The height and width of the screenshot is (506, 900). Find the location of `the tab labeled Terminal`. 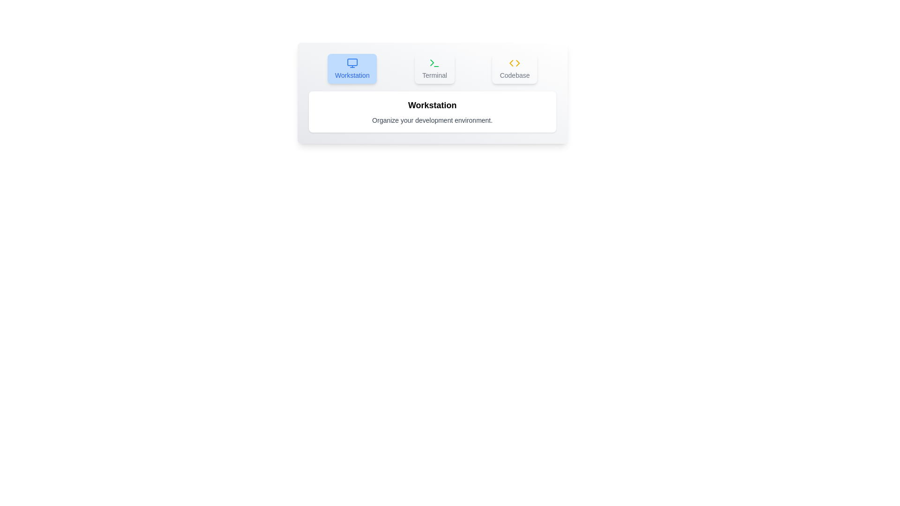

the tab labeled Terminal is located at coordinates (434, 68).